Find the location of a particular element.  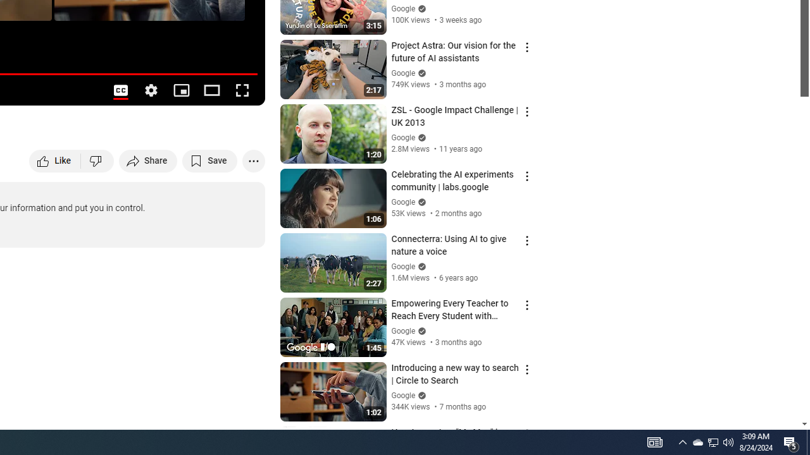

'Action menu' is located at coordinates (526, 434).